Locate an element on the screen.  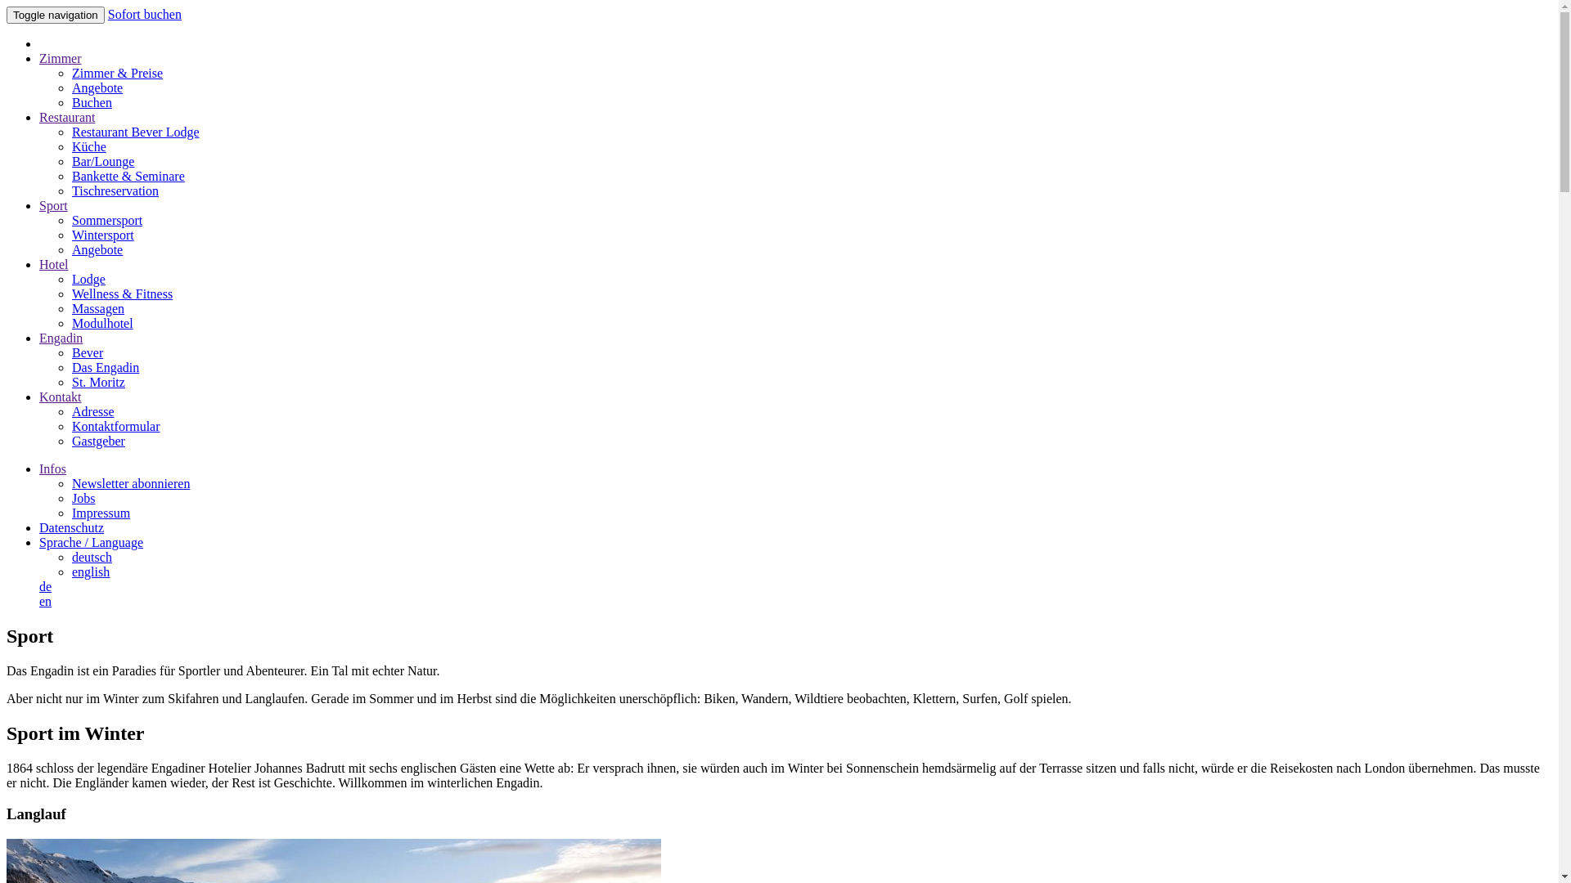
'Infos' is located at coordinates (52, 468).